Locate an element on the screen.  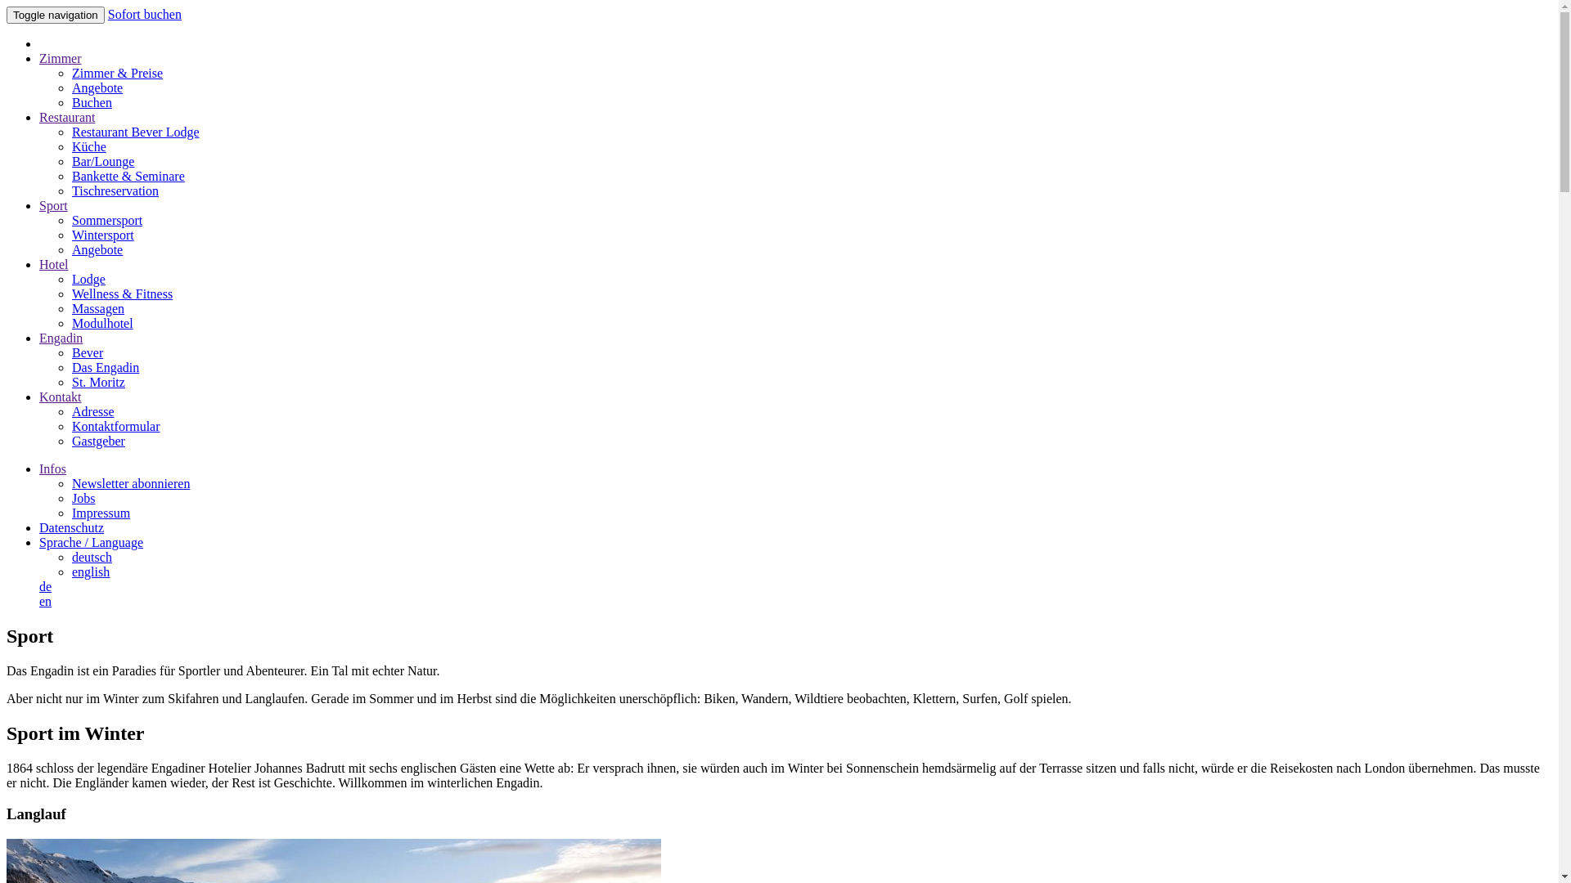
'Infos' is located at coordinates (52, 468).